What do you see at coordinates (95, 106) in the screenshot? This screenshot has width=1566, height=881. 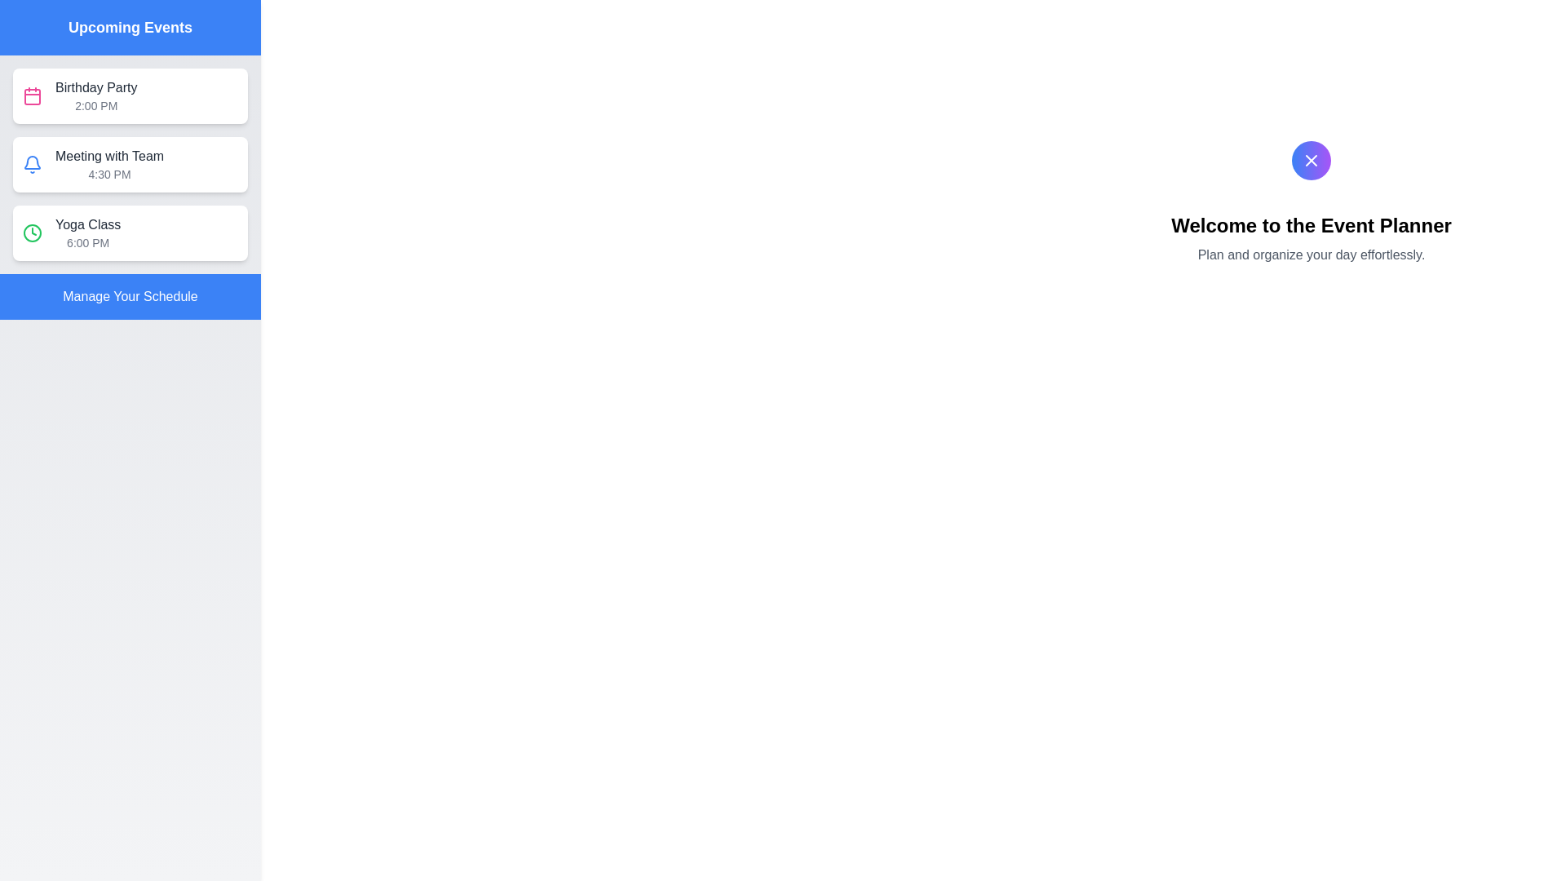 I see `text label displaying '2:00 PM' located beneath the 'Birthday Party' text in the first event card under 'Upcoming Events'` at bounding box center [95, 106].